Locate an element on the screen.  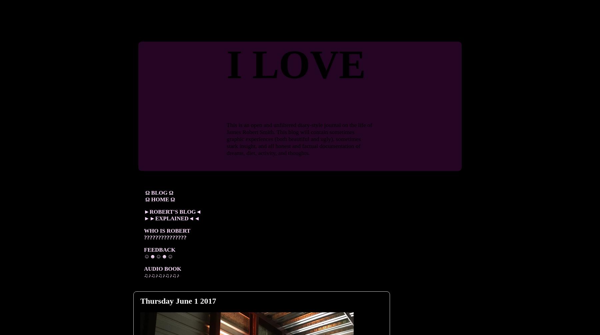
'I LOVE' is located at coordinates (296, 64).